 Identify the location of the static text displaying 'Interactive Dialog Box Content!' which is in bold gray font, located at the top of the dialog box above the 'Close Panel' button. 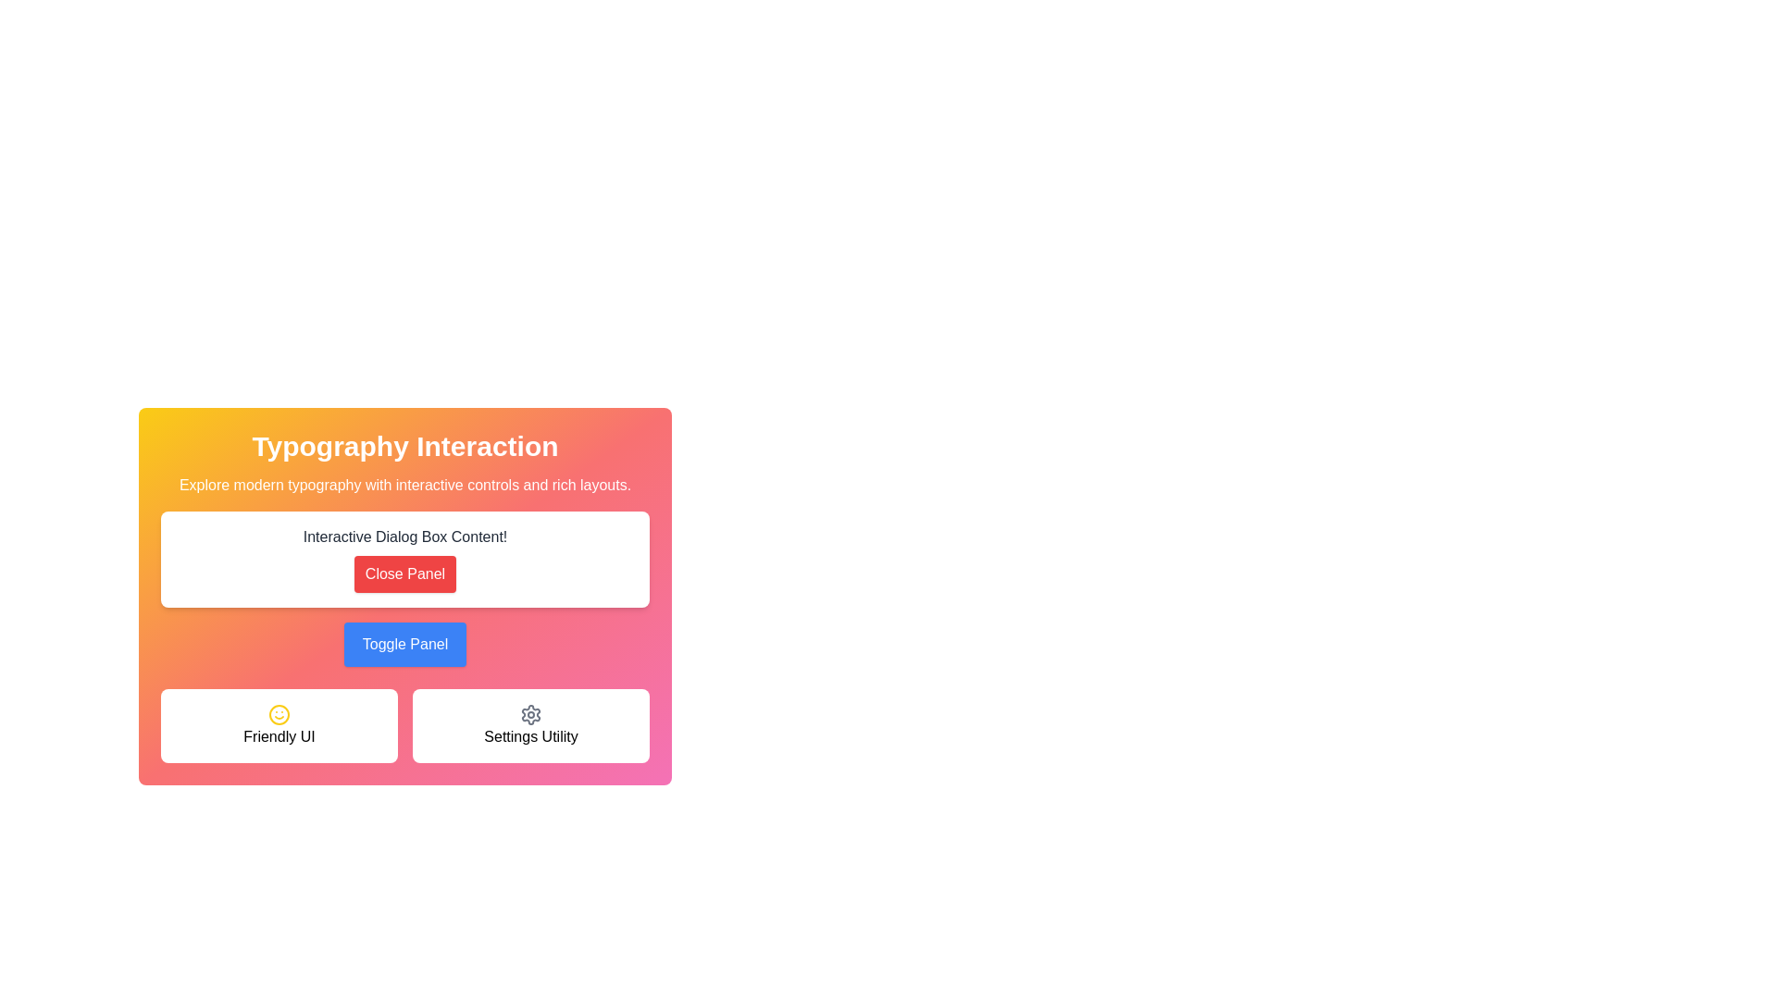
(404, 537).